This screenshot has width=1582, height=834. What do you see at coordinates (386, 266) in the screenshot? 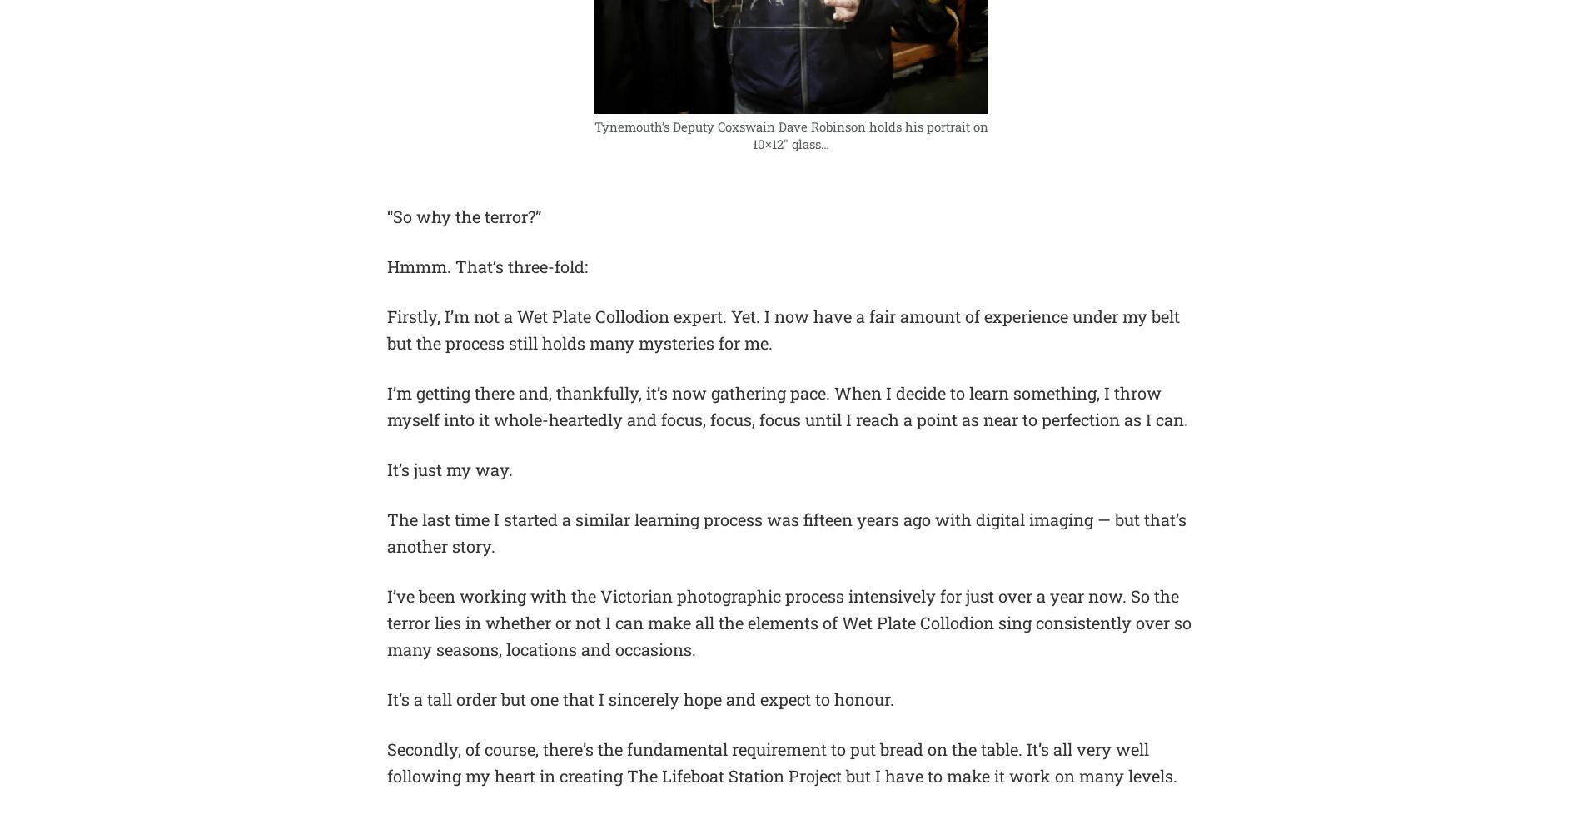
I see `'Hmmm. That’s three-fold:'` at bounding box center [386, 266].